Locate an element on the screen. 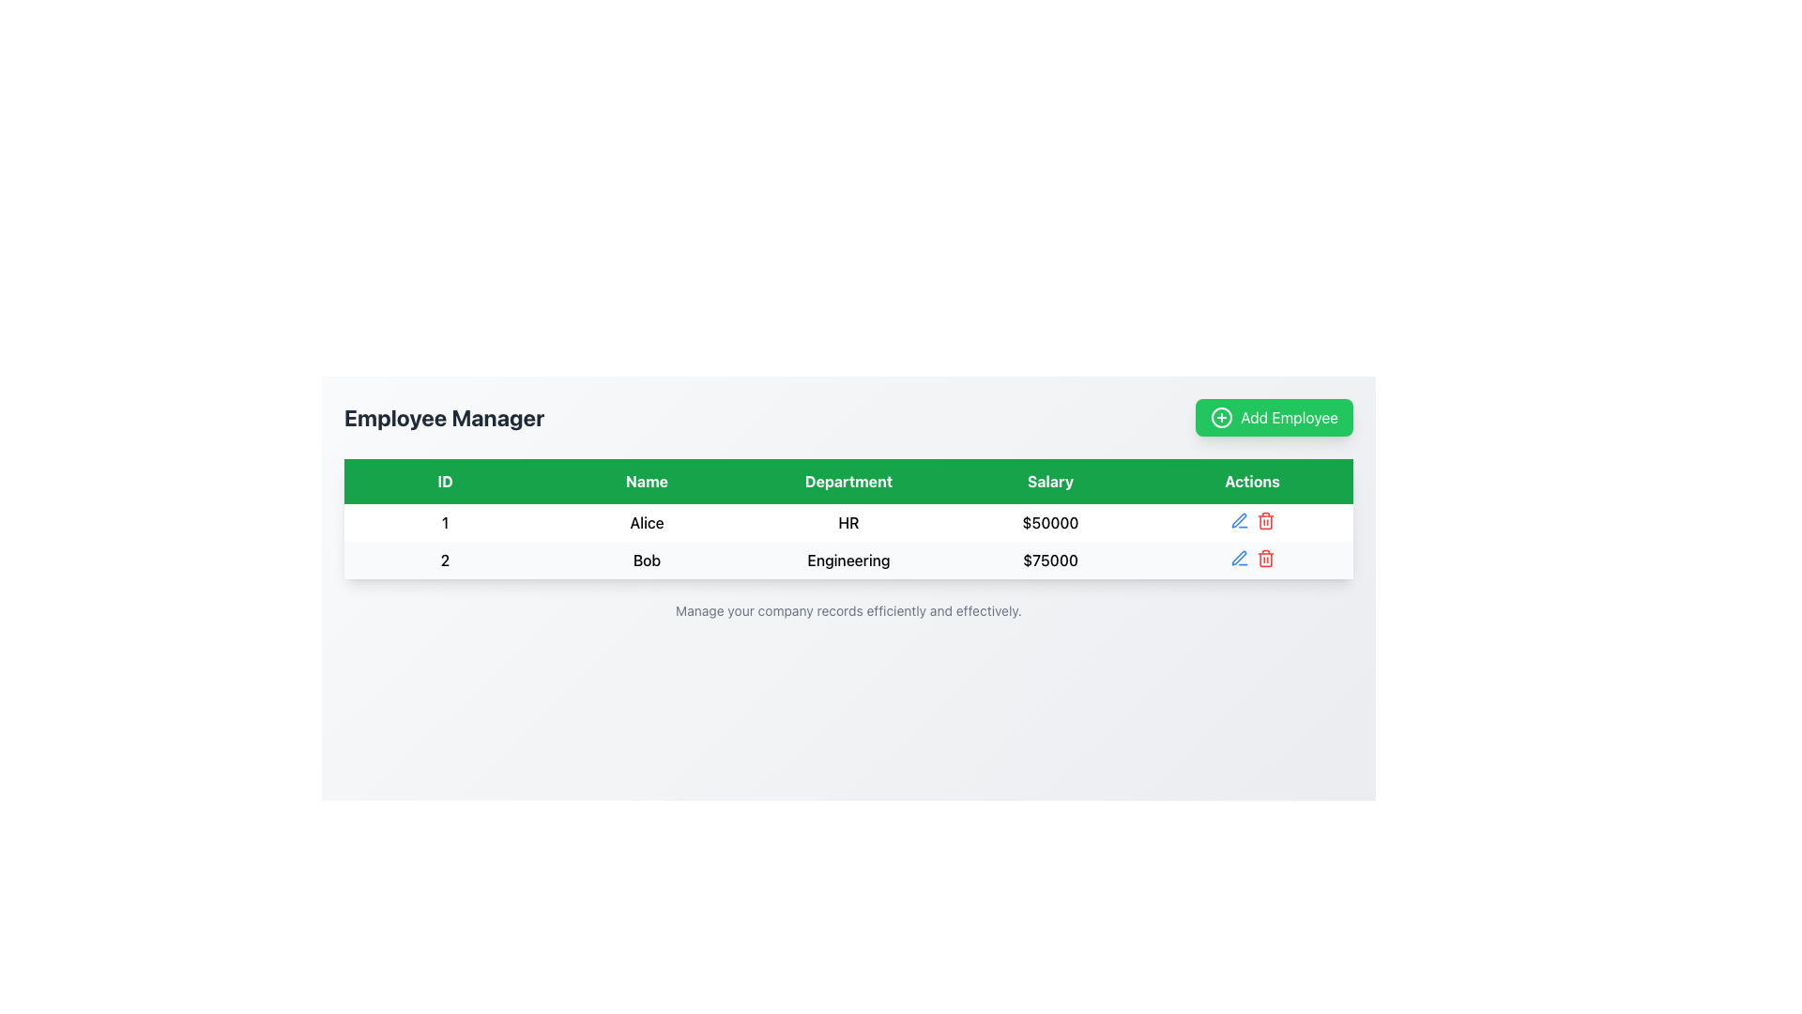 Image resolution: width=1802 pixels, height=1014 pixels. the edit icon button located in the 'Actions' column for the entry labeled 'Bob' is located at coordinates (1239, 521).